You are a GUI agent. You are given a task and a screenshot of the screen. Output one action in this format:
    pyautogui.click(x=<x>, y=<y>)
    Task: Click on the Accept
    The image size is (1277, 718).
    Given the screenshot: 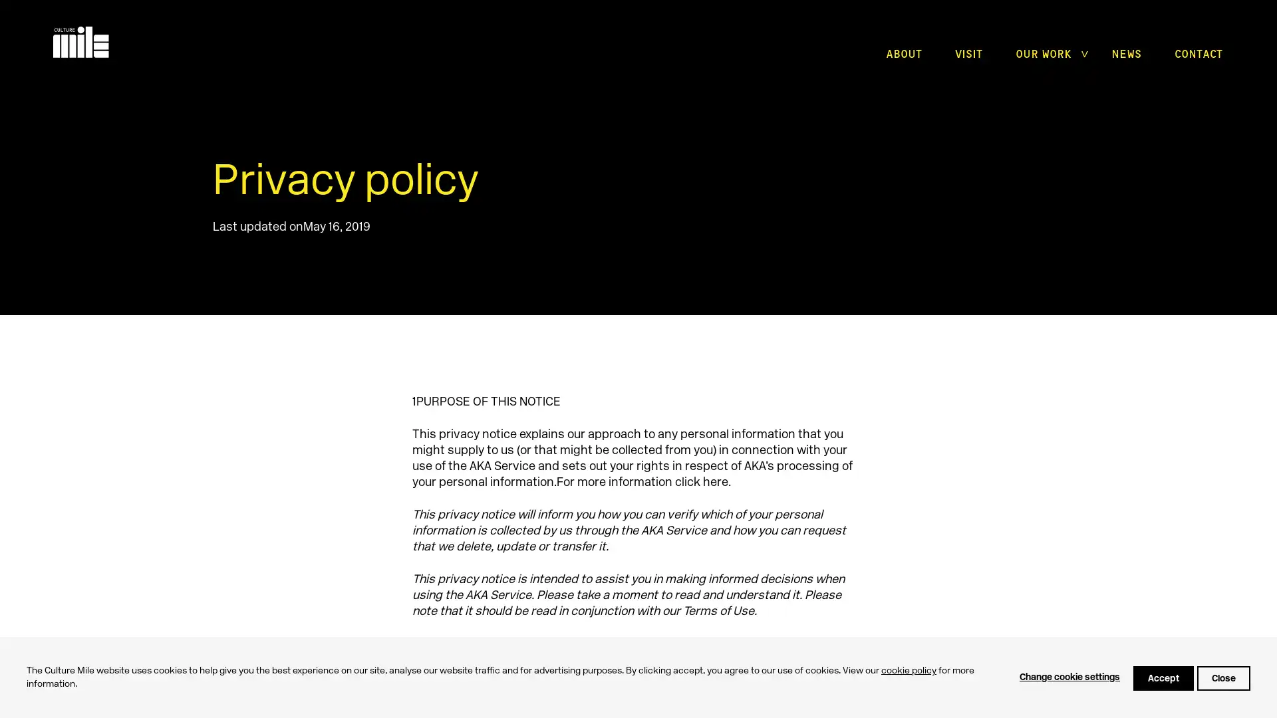 What is the action you would take?
    pyautogui.click(x=1163, y=677)
    